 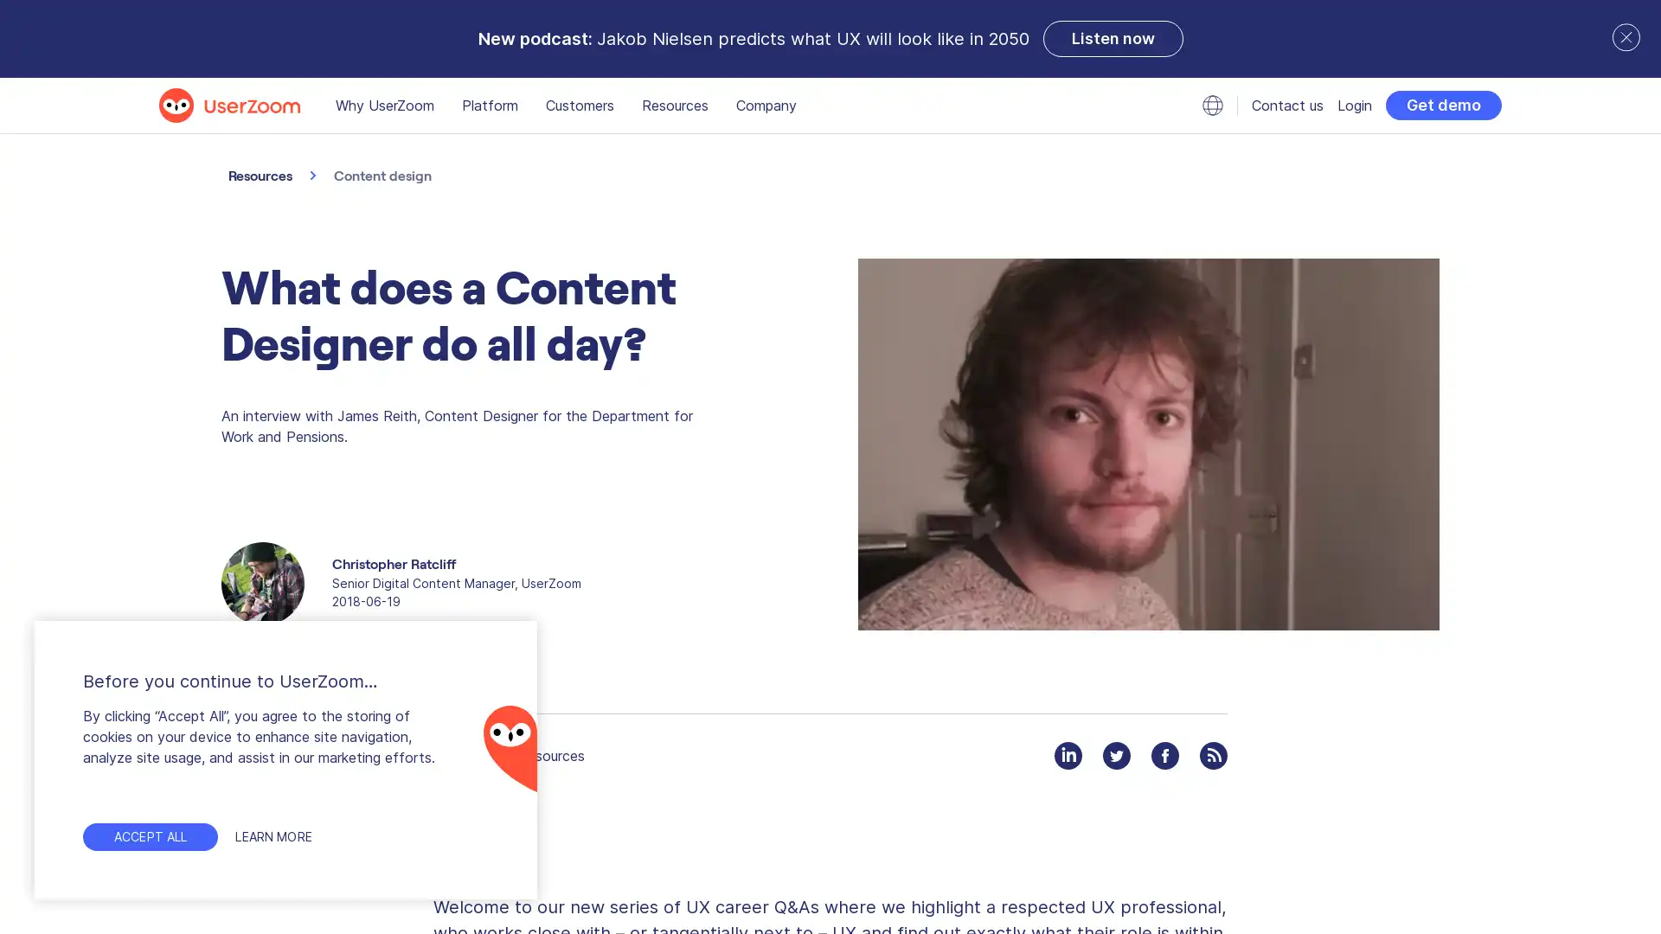 I want to click on Company, so click(x=766, y=106).